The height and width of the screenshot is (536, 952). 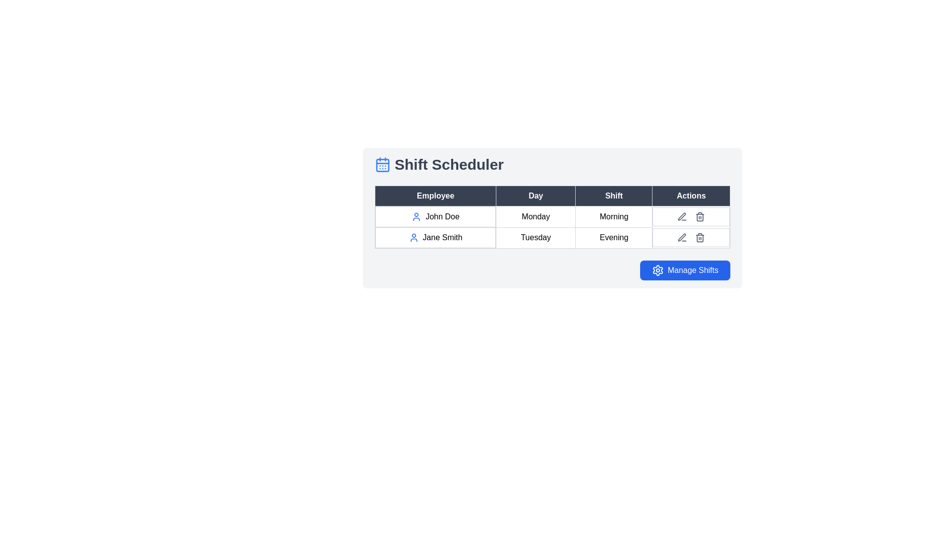 What do you see at coordinates (691, 196) in the screenshot?
I see `the Table Header Cell which is aligned in the far-right position of the header row, indicating action buttons for the respective rows` at bounding box center [691, 196].